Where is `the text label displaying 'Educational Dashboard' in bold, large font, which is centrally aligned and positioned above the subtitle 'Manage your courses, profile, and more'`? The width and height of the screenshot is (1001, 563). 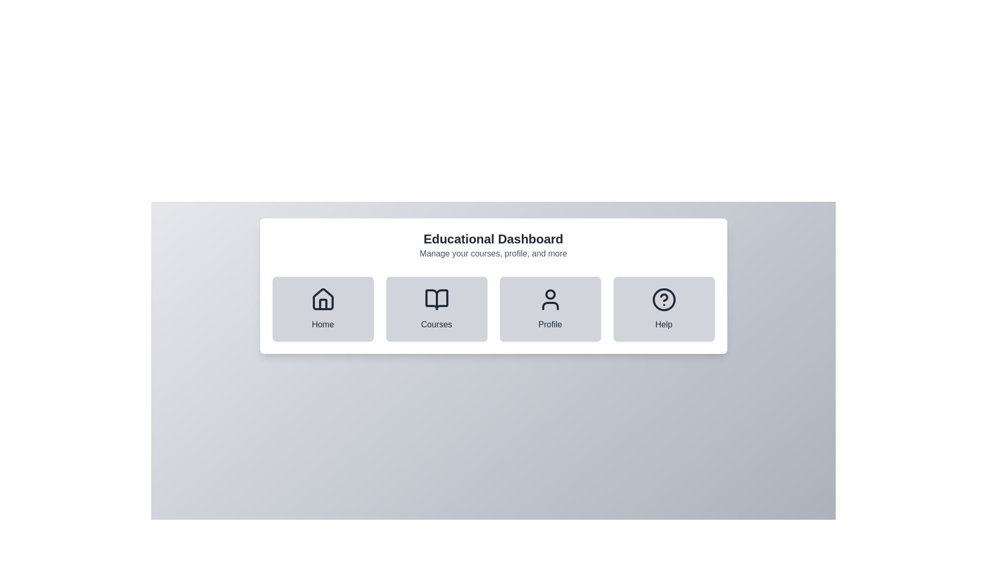 the text label displaying 'Educational Dashboard' in bold, large font, which is centrally aligned and positioned above the subtitle 'Manage your courses, profile, and more' is located at coordinates (493, 239).